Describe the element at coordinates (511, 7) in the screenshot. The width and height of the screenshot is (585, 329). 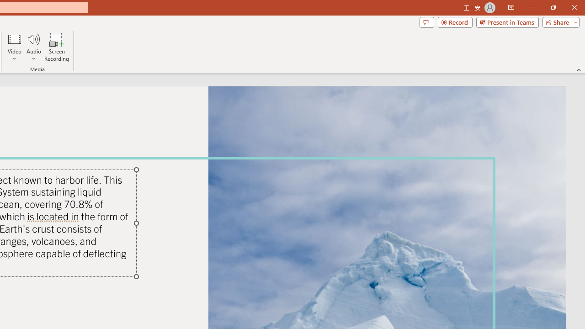
I see `'Ribbon Display Options'` at that location.